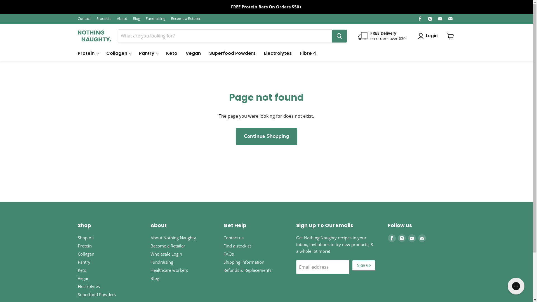  I want to click on 'Stockists', so click(103, 18).